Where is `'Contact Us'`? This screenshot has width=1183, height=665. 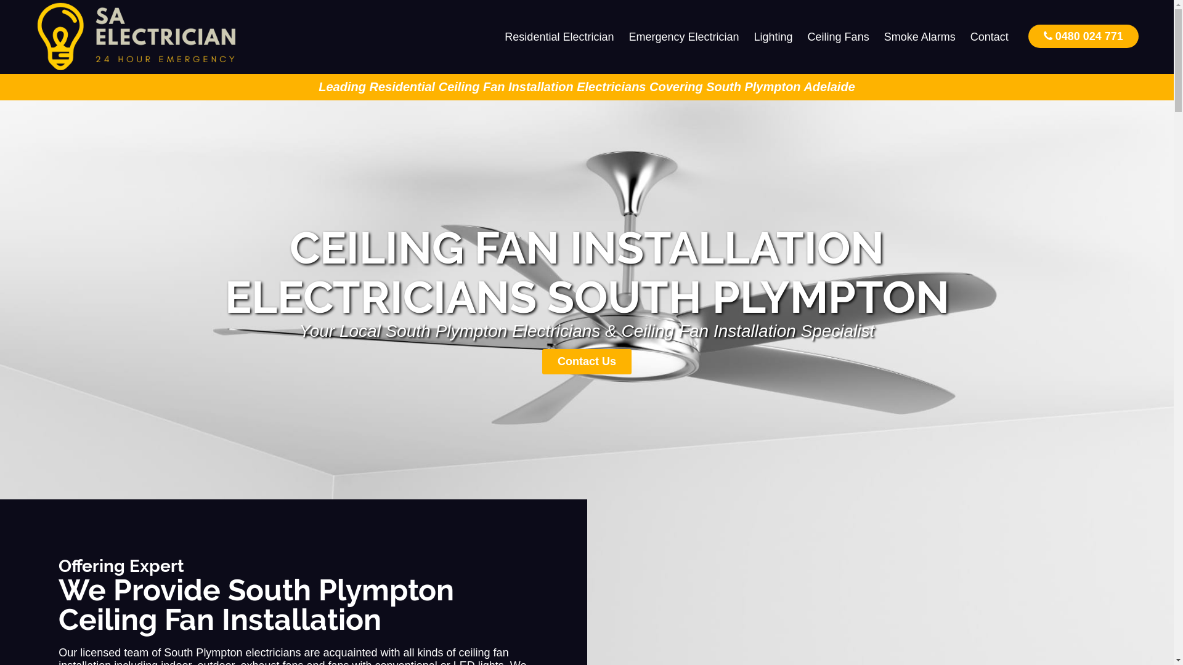 'Contact Us' is located at coordinates (586, 361).